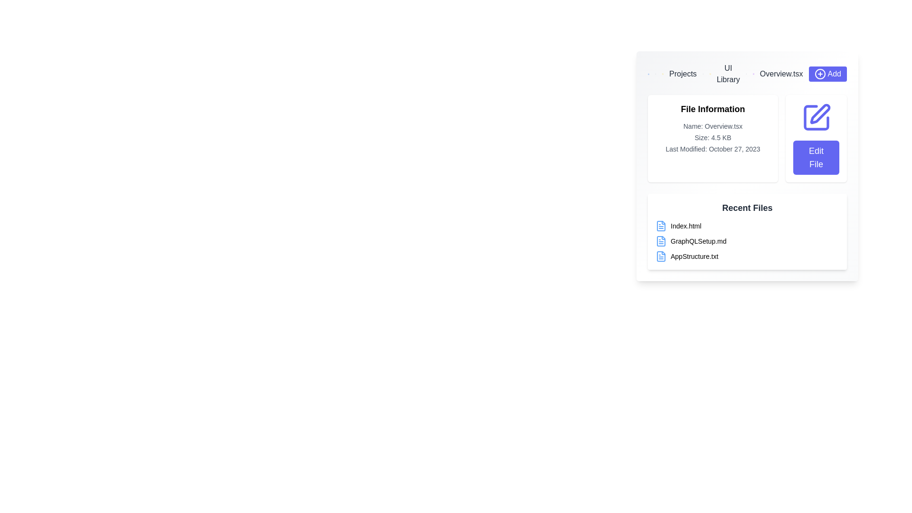 This screenshot has width=912, height=513. I want to click on displayed file information text, which includes the filename 'Overview.tsx', the size '4.5 KB', and the last modified date 'October 27, 2023', from the Text Display element located in the 'File Information' section, so click(713, 137).